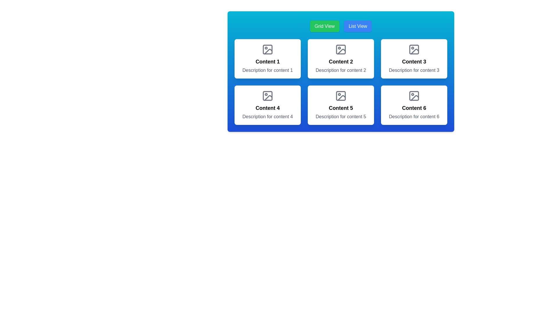 This screenshot has height=313, width=558. Describe the element at coordinates (357, 26) in the screenshot. I see `the toggle button to switch the view mode to list format, located to the right of the 'Grid View' button at the top section of the interface` at that location.